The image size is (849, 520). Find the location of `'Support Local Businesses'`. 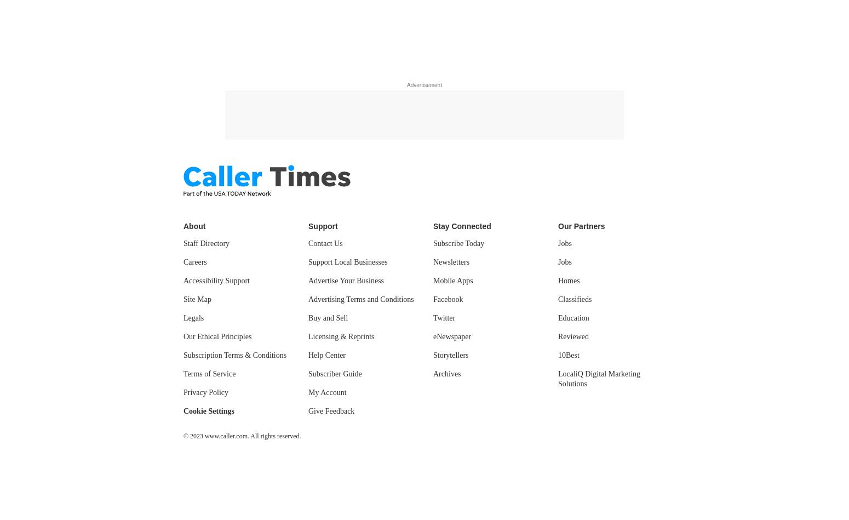

'Support Local Businesses' is located at coordinates (347, 261).